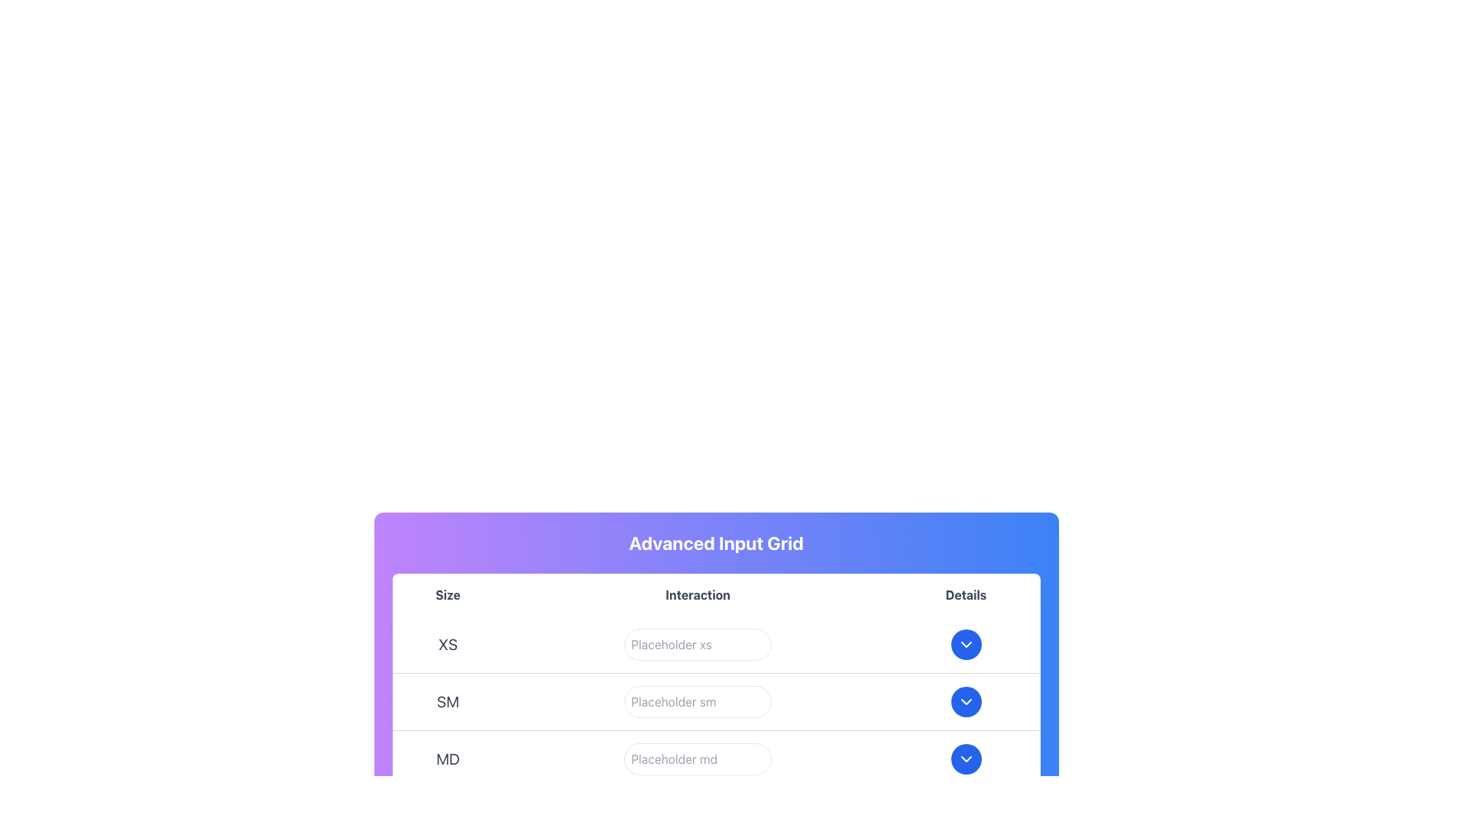 The image size is (1467, 825). I want to click on the button in the 'Details' column that reveals additional options for the 'XS' row, so click(965, 645).